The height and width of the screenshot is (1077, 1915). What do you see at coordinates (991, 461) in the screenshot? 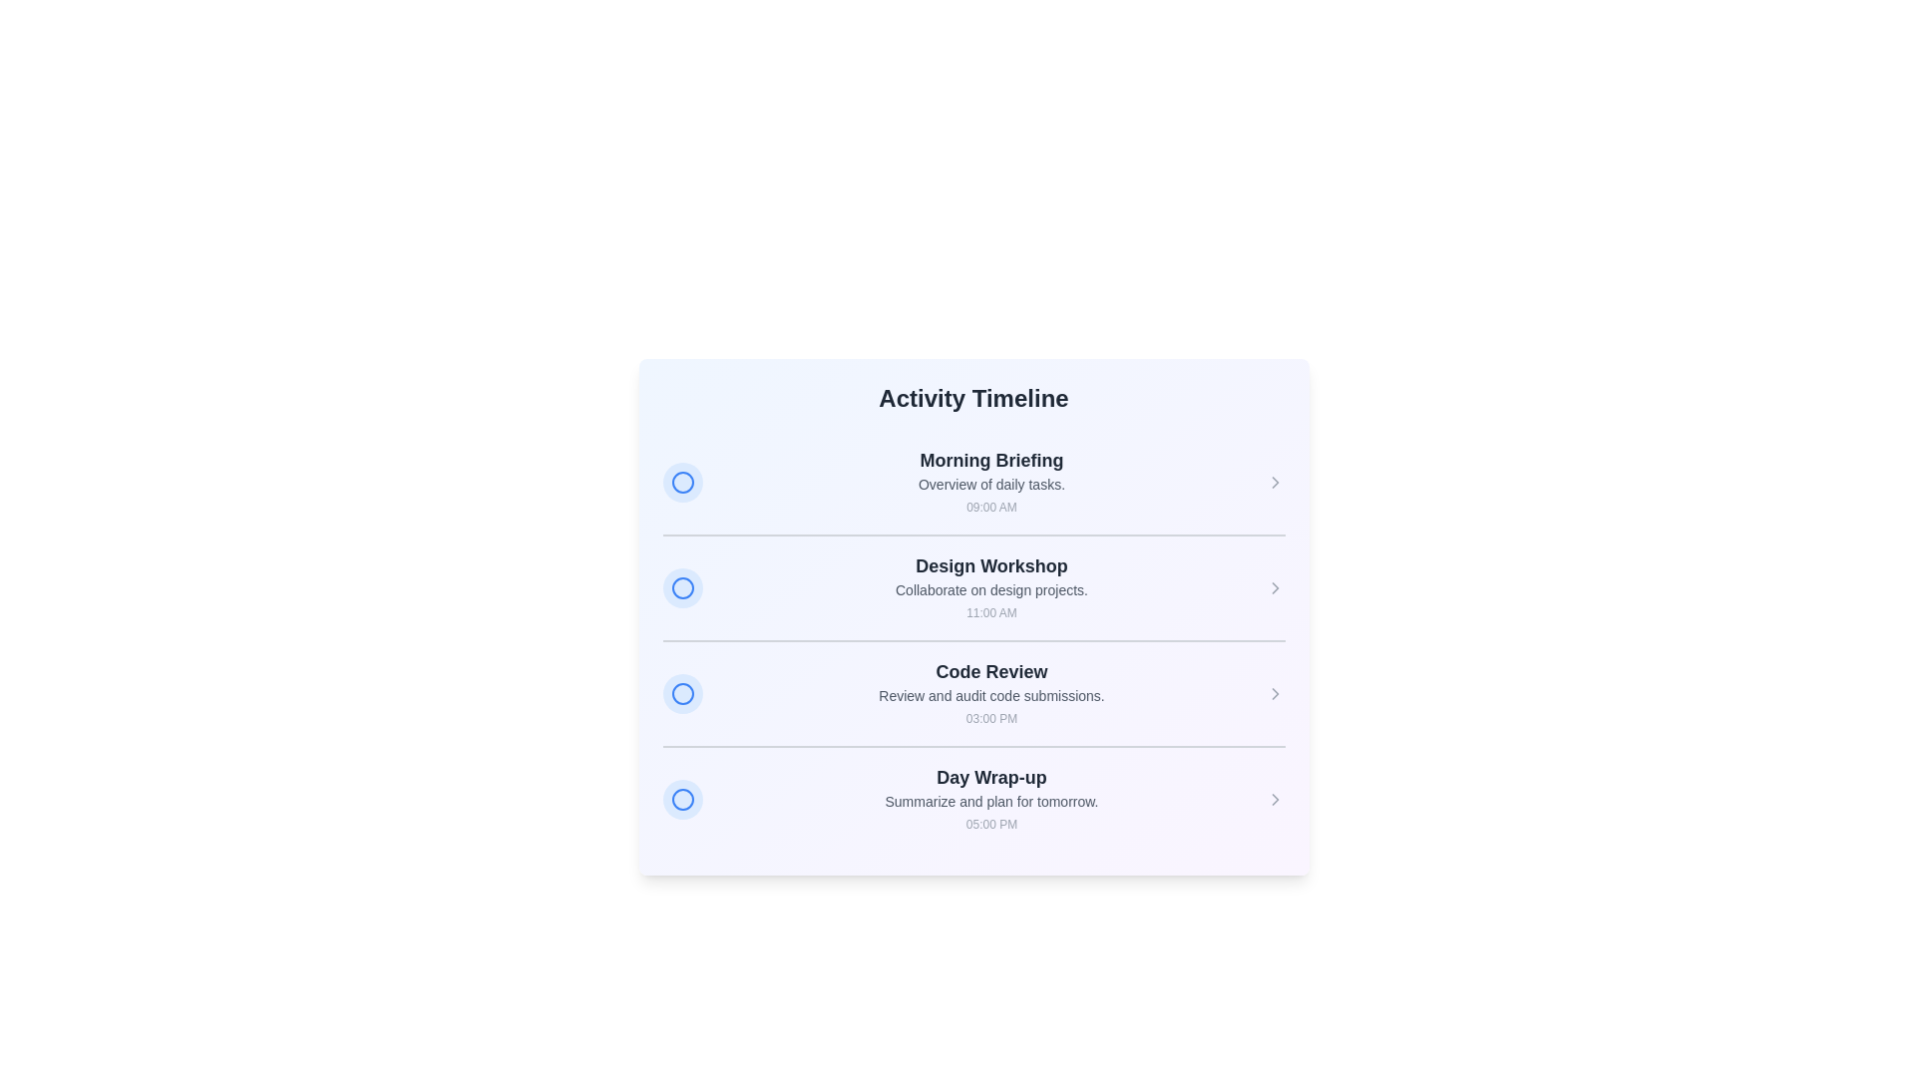
I see `the title text element for the first item in the timeline list` at bounding box center [991, 461].